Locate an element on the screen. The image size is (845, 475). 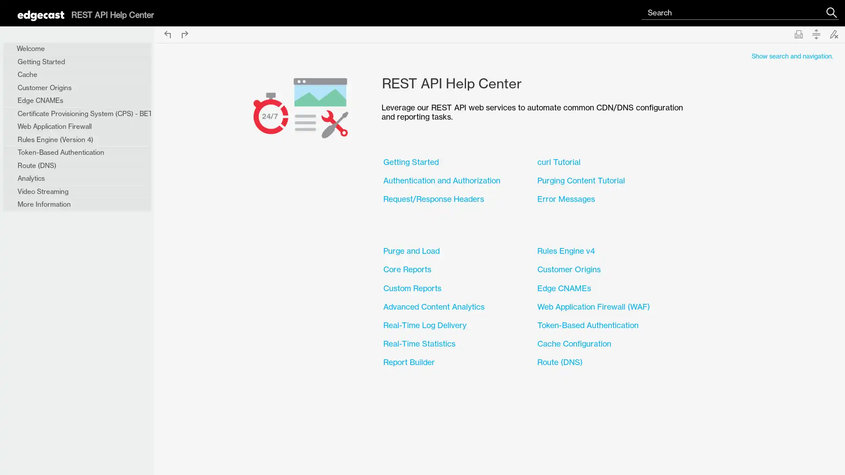
remove highlight is located at coordinates (834, 33).